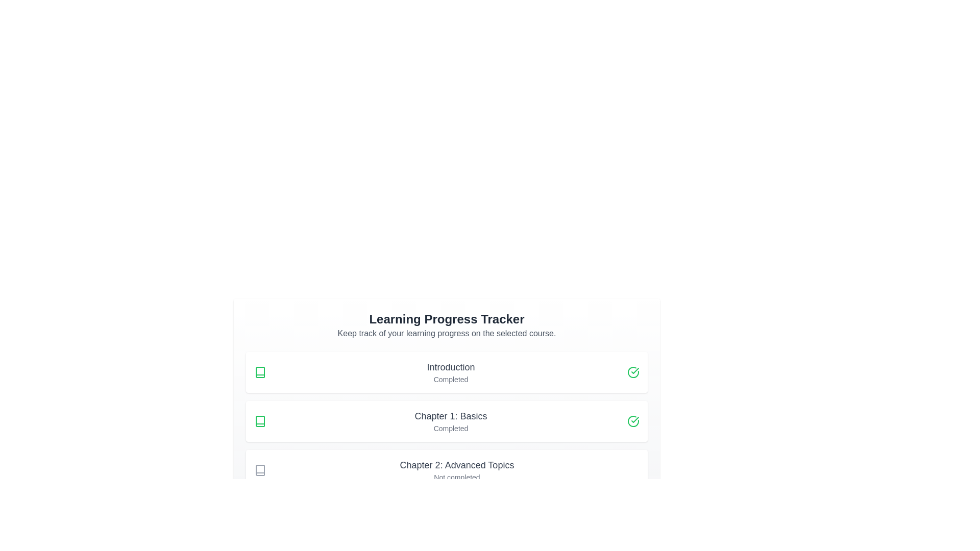 Image resolution: width=980 pixels, height=551 pixels. I want to click on the circular icon with a green outline and checkmark, indicating completion, located to the right of the 'Completed' text in the 'Chapter 1: Basics' card, so click(633, 421).